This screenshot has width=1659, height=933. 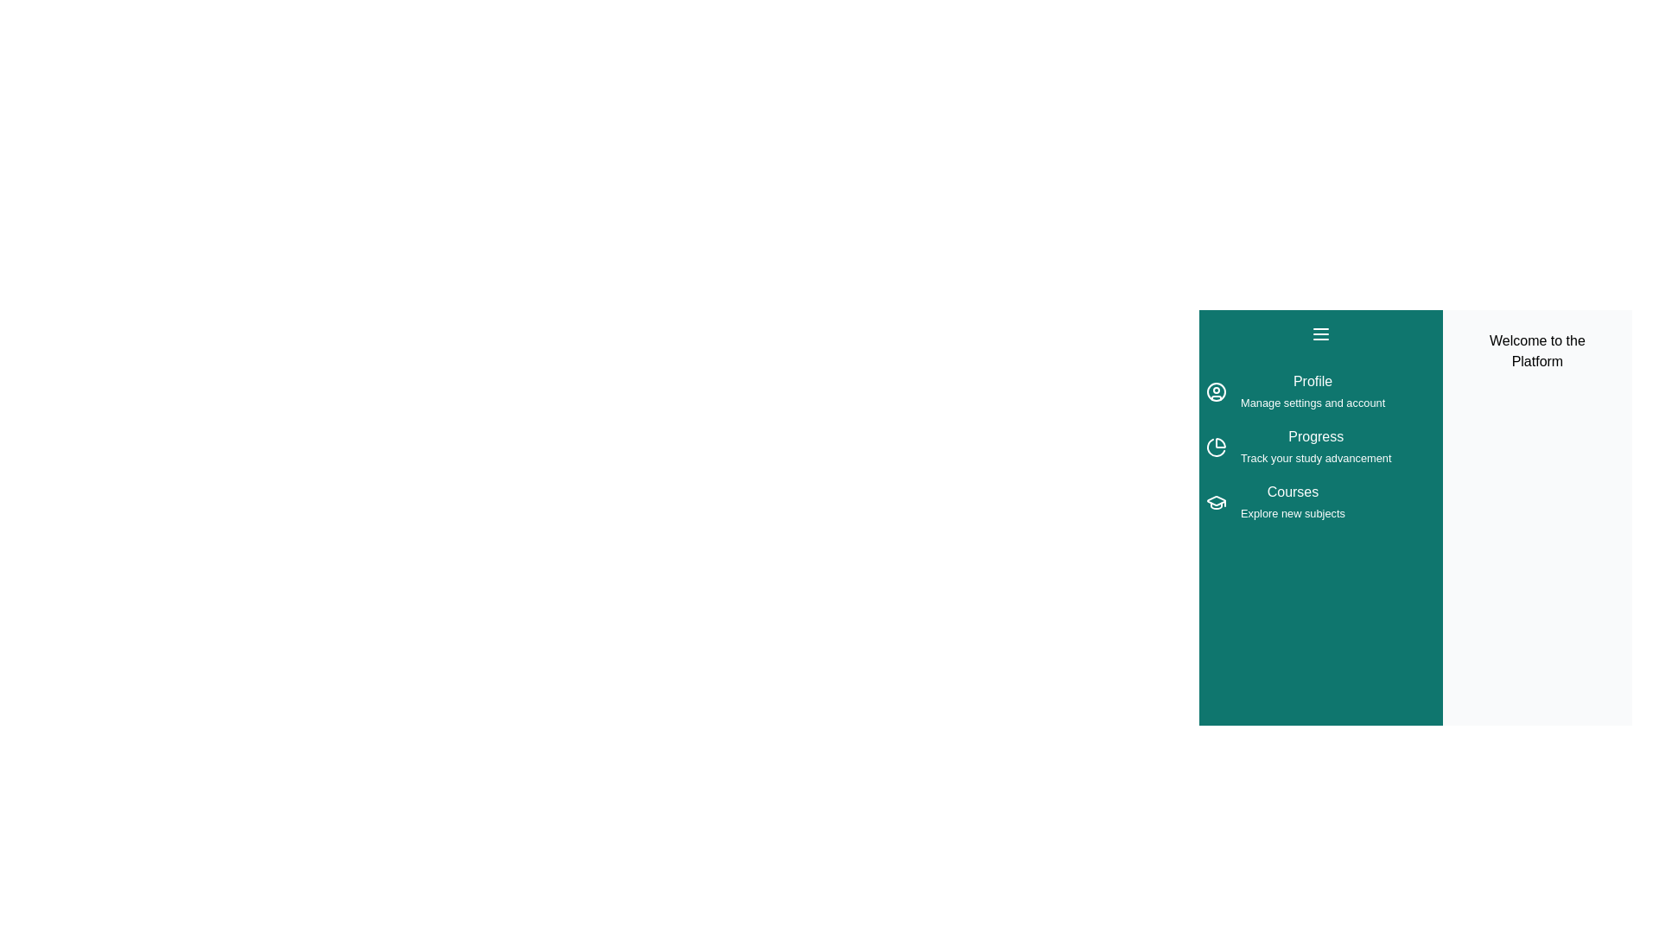 I want to click on the menu item Progress from the drawer, so click(x=1215, y=446).